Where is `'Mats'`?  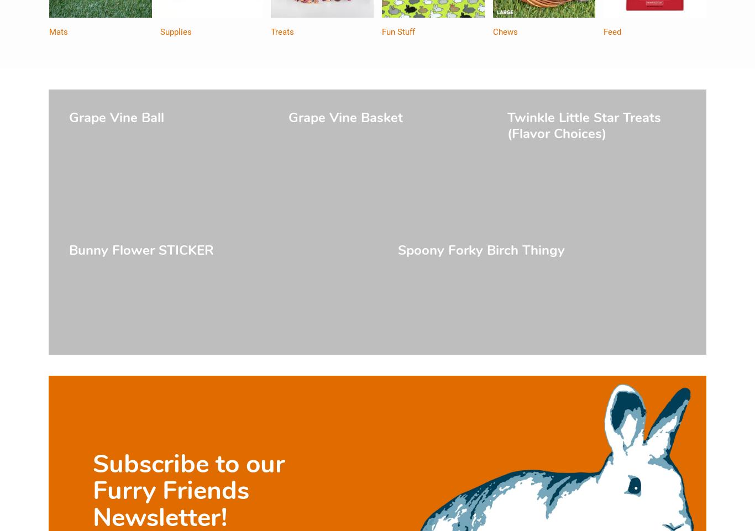 'Mats' is located at coordinates (59, 32).